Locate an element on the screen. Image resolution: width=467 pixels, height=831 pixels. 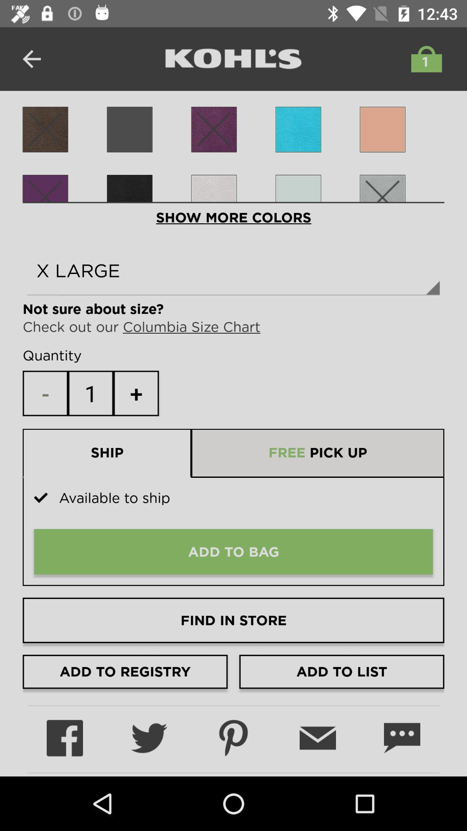
the email icon is located at coordinates (318, 738).